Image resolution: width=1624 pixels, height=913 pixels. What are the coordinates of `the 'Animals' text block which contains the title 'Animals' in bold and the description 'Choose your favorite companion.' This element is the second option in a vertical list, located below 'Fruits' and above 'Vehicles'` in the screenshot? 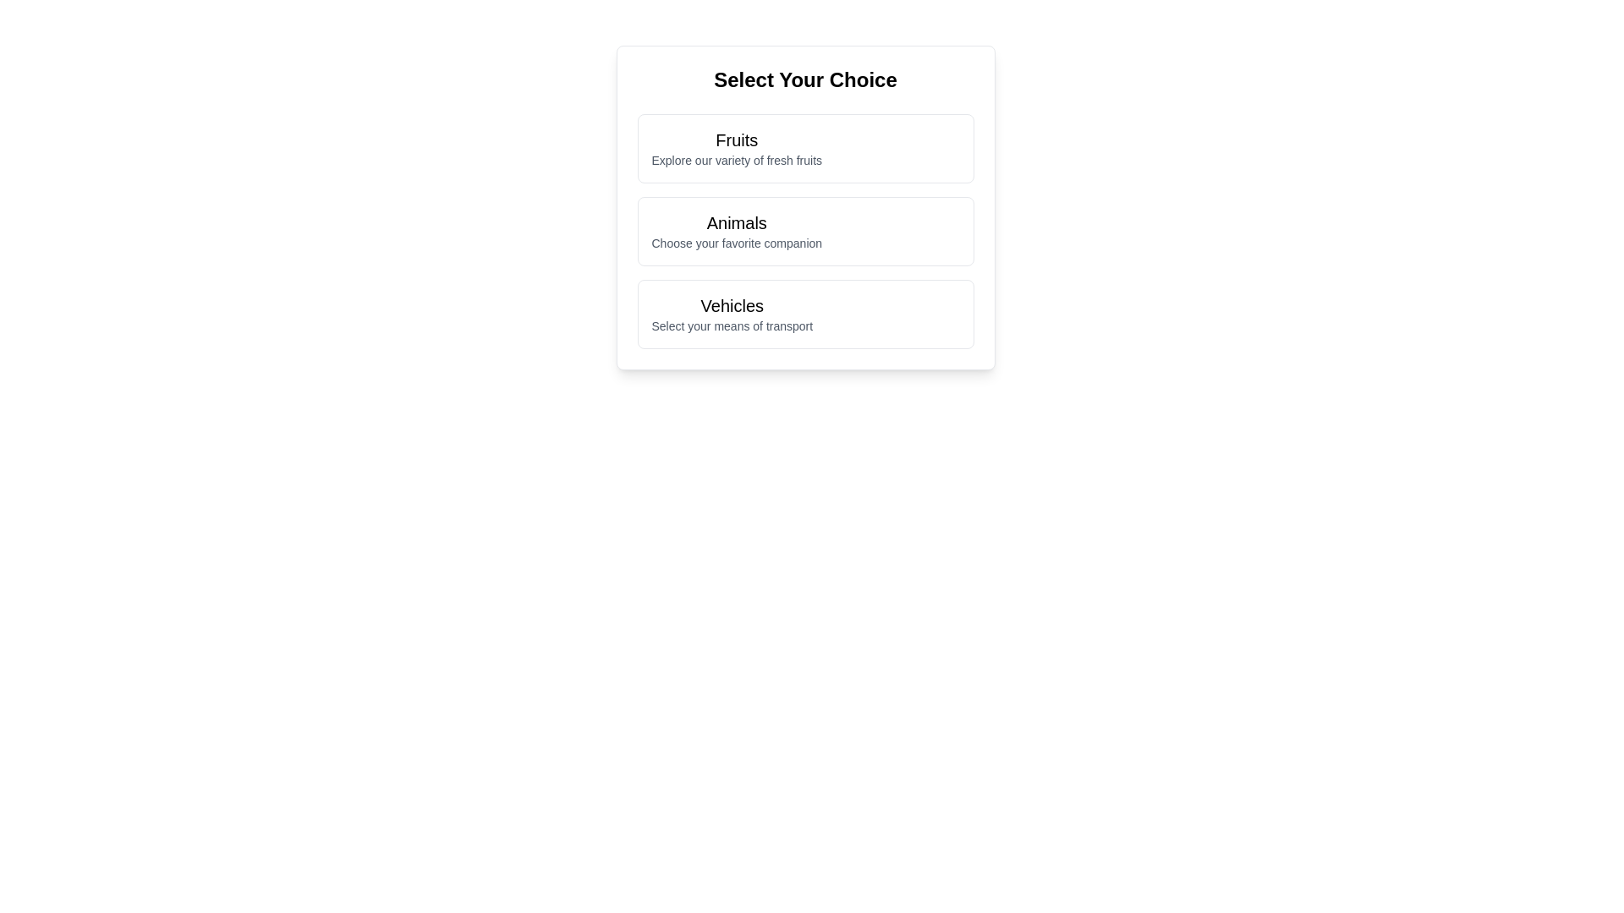 It's located at (737, 231).